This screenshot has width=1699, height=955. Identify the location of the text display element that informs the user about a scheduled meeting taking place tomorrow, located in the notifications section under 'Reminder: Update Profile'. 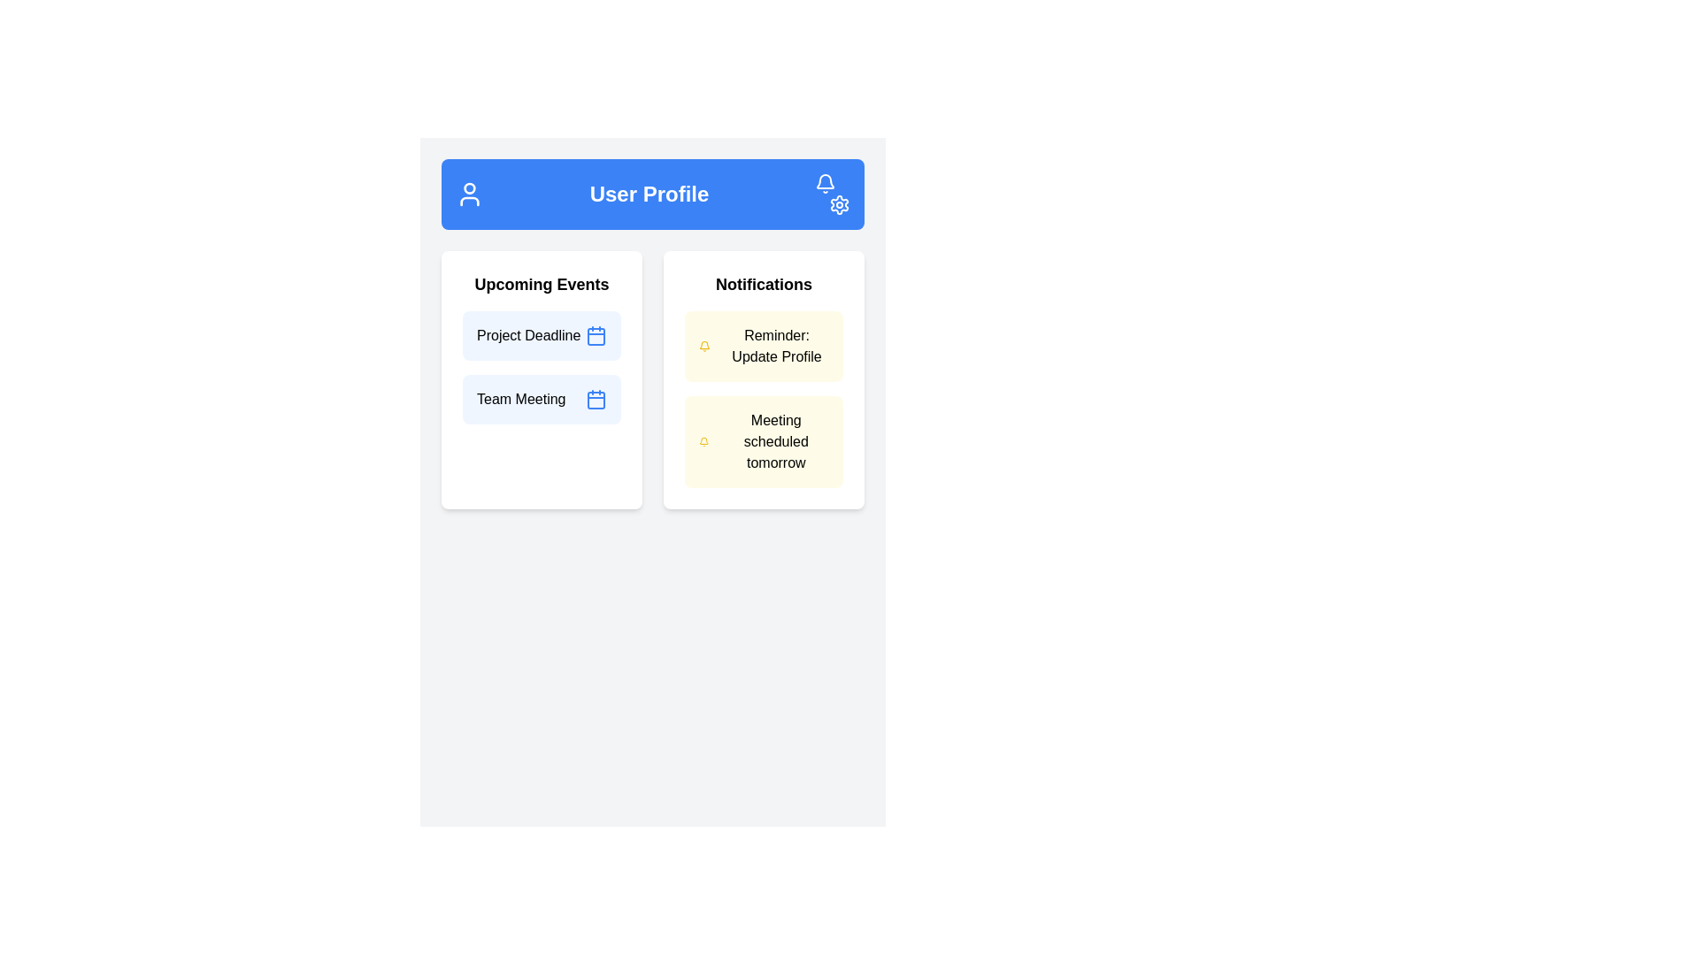
(776, 441).